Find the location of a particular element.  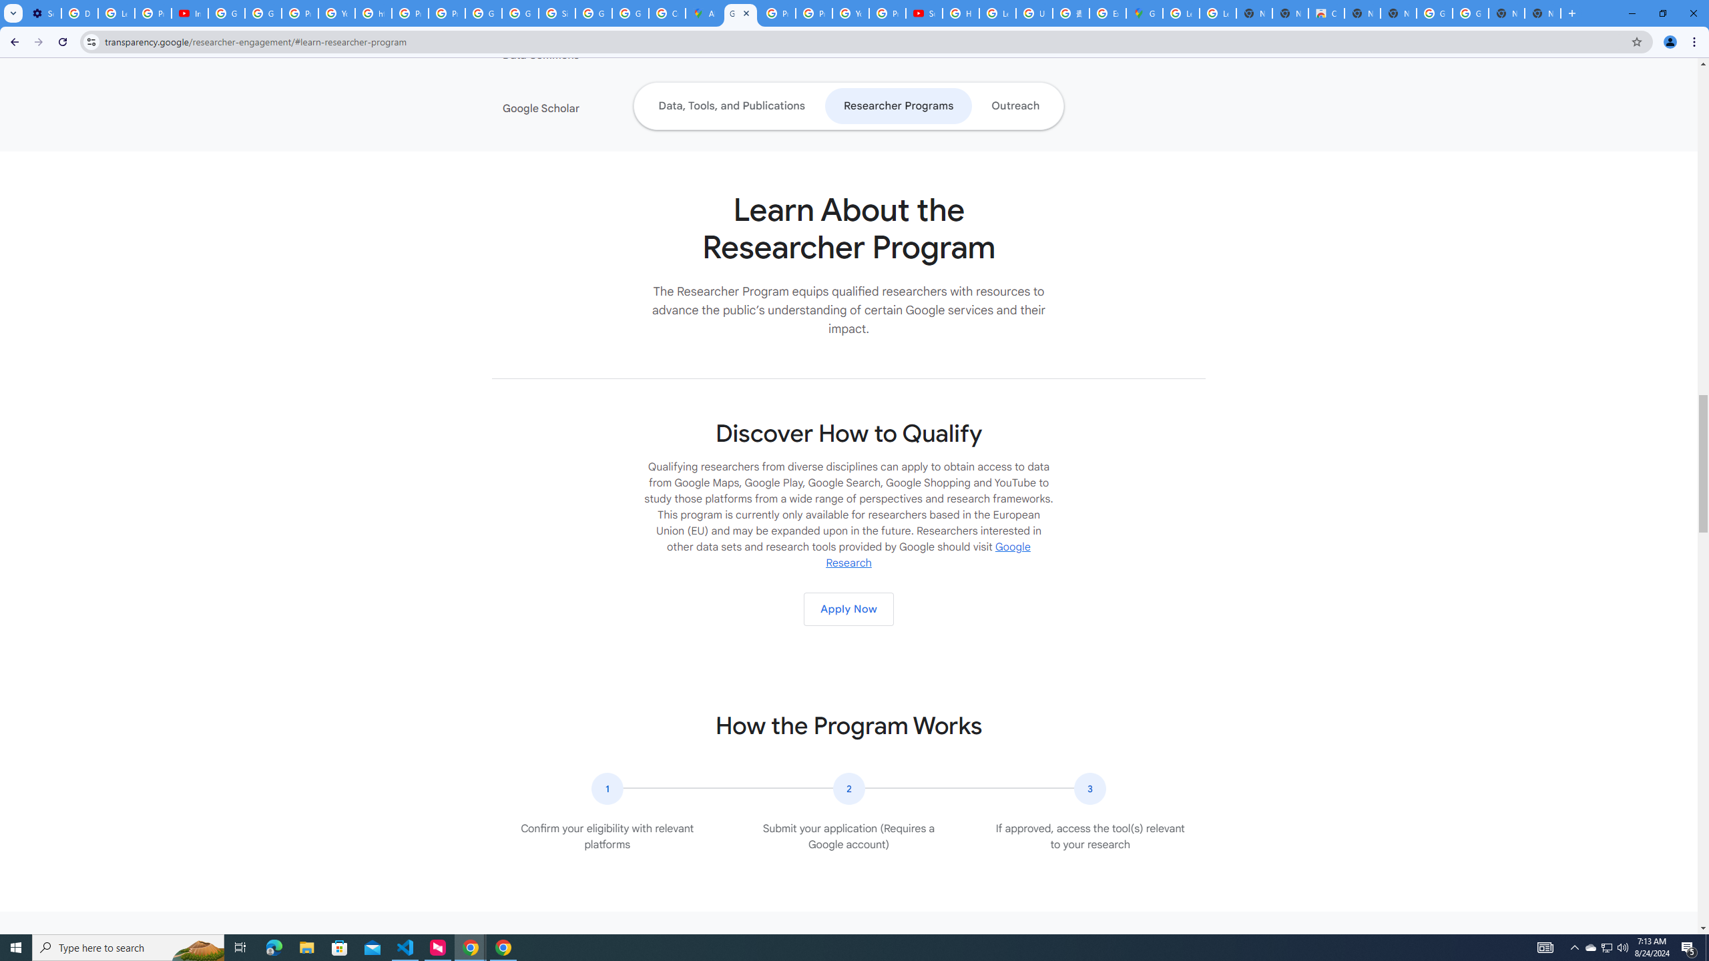

'Data Commons' is located at coordinates (584, 54).